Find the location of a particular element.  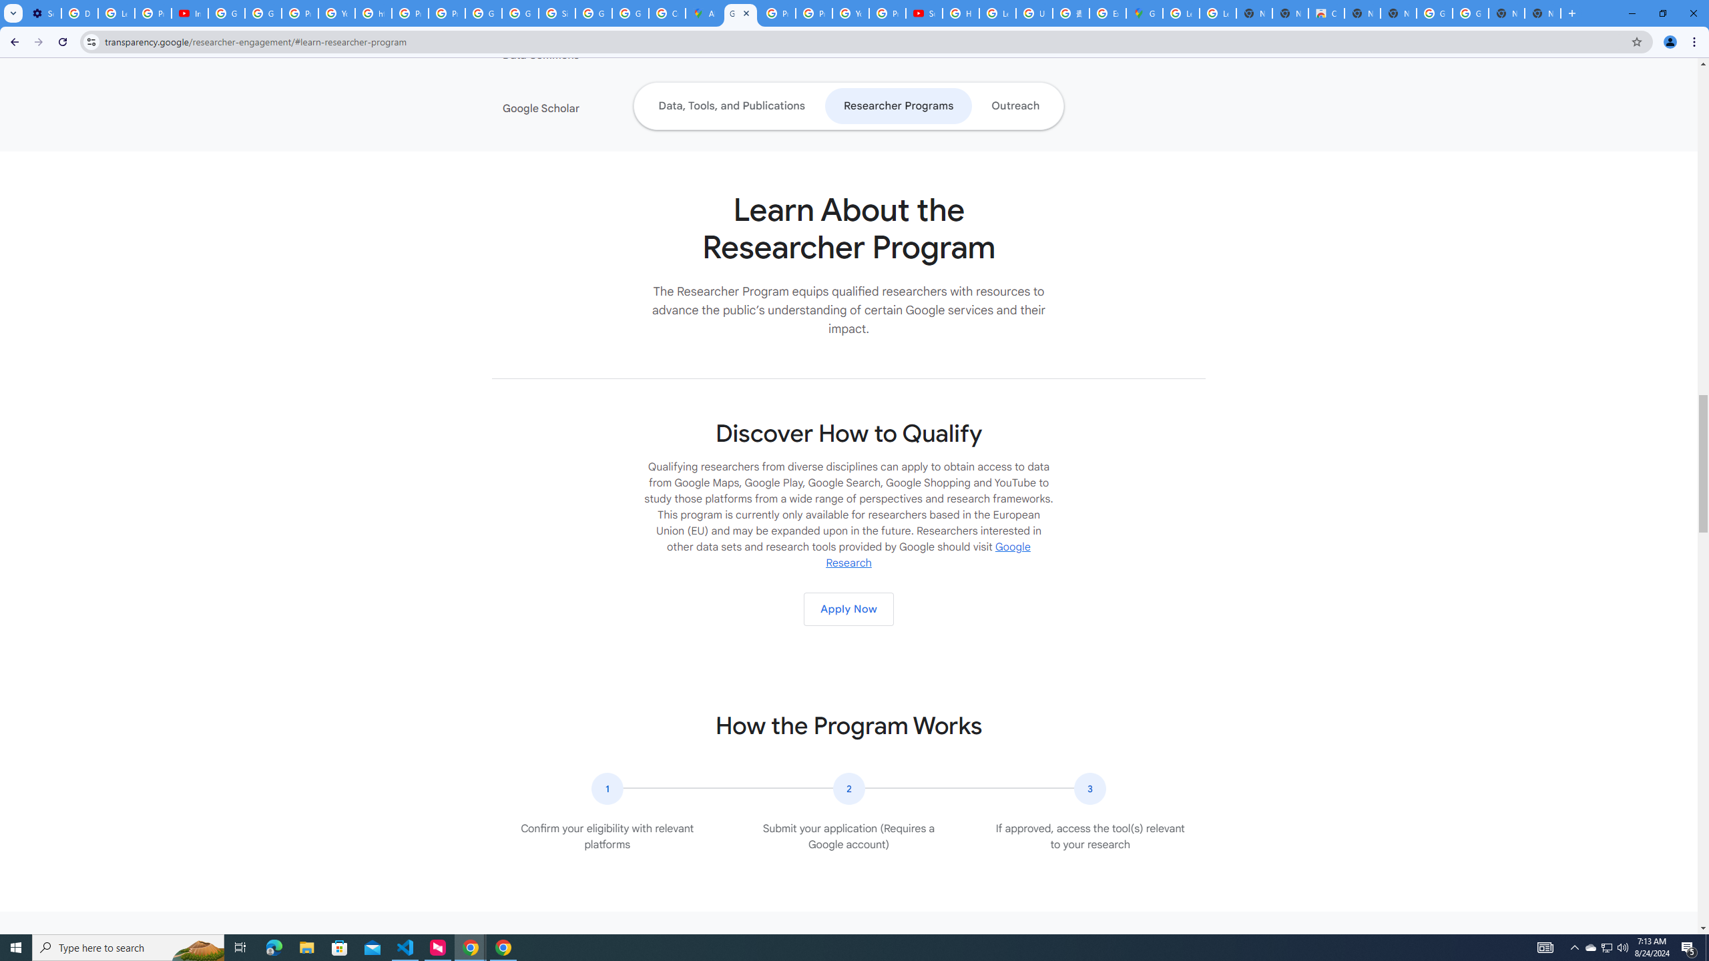

'Data Commons' is located at coordinates (584, 54).